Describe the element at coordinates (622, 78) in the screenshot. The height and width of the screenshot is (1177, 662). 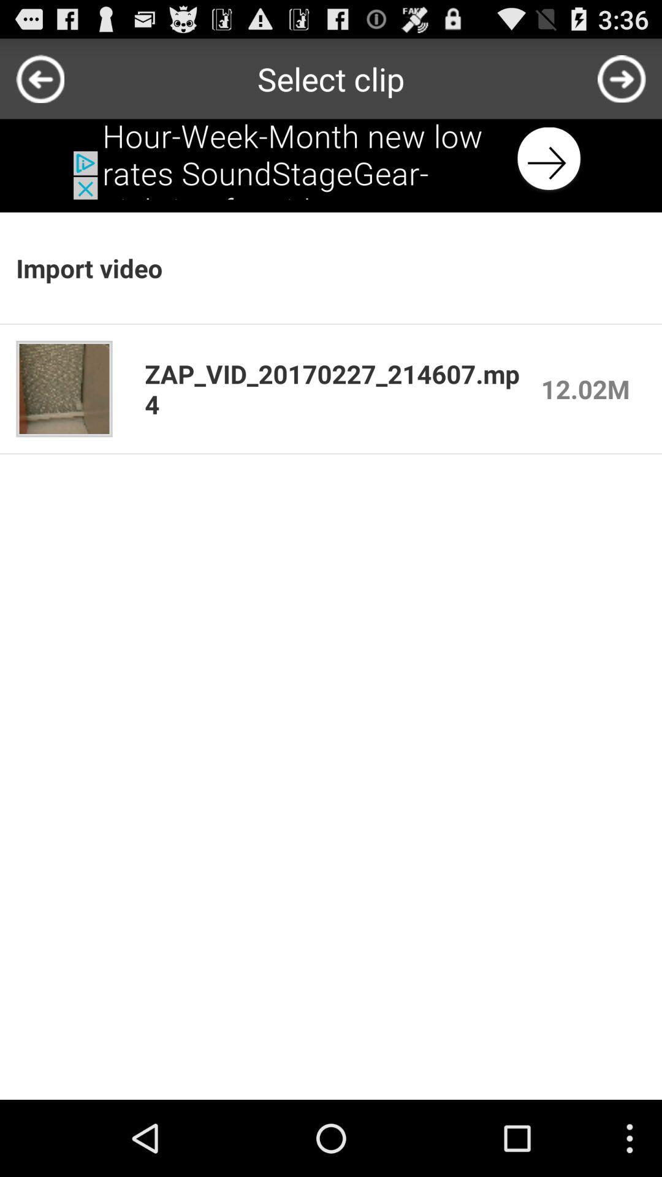
I see `next option` at that location.